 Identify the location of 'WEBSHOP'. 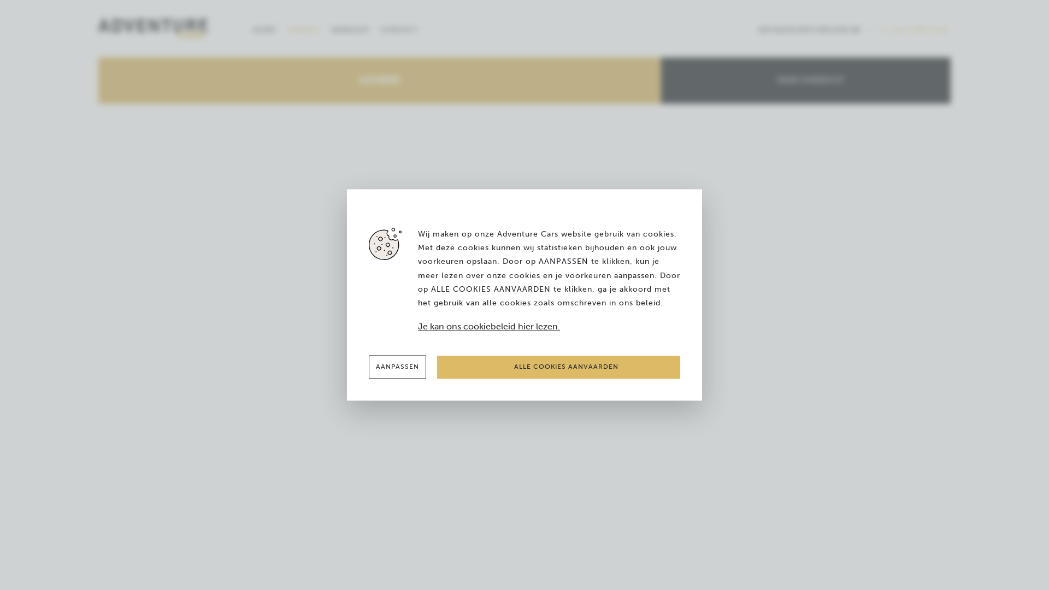
(350, 28).